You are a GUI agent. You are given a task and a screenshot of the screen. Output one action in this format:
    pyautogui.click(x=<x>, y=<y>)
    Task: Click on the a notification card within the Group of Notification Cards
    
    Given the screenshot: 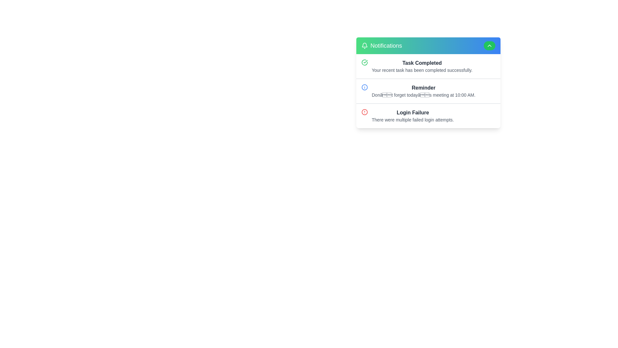 What is the action you would take?
    pyautogui.click(x=428, y=91)
    